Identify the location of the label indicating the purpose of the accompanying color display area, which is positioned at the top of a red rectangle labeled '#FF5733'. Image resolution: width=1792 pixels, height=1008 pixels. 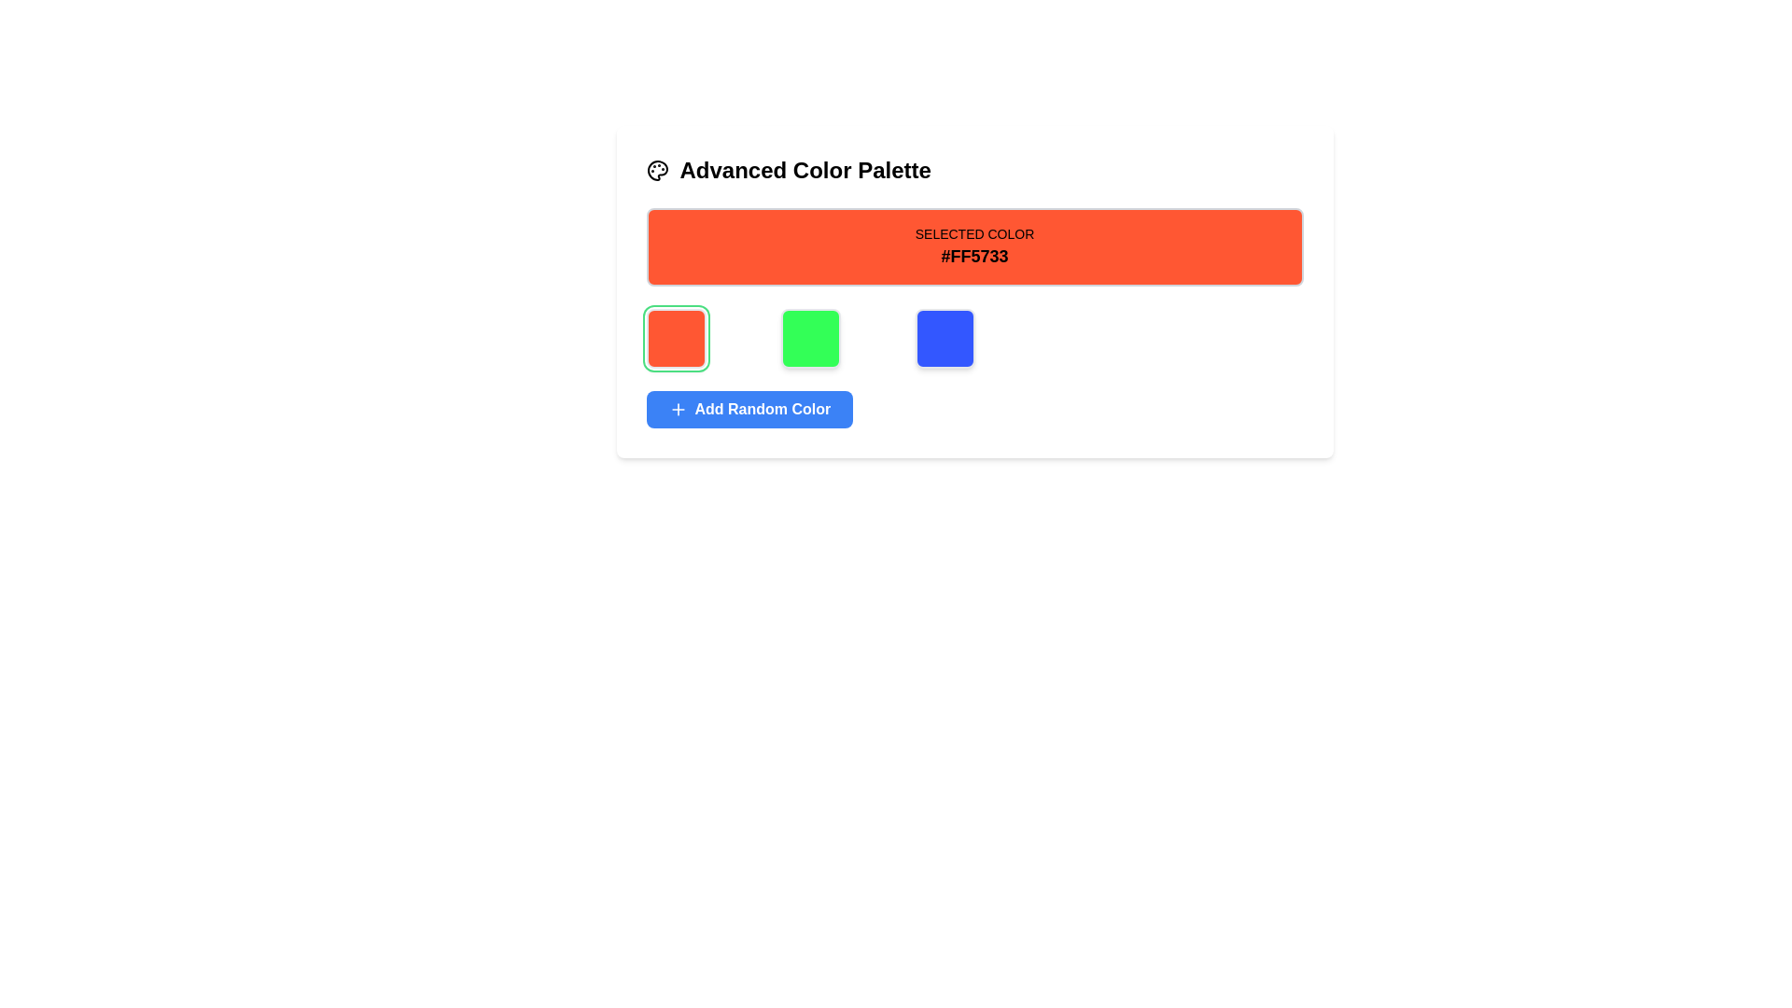
(973, 232).